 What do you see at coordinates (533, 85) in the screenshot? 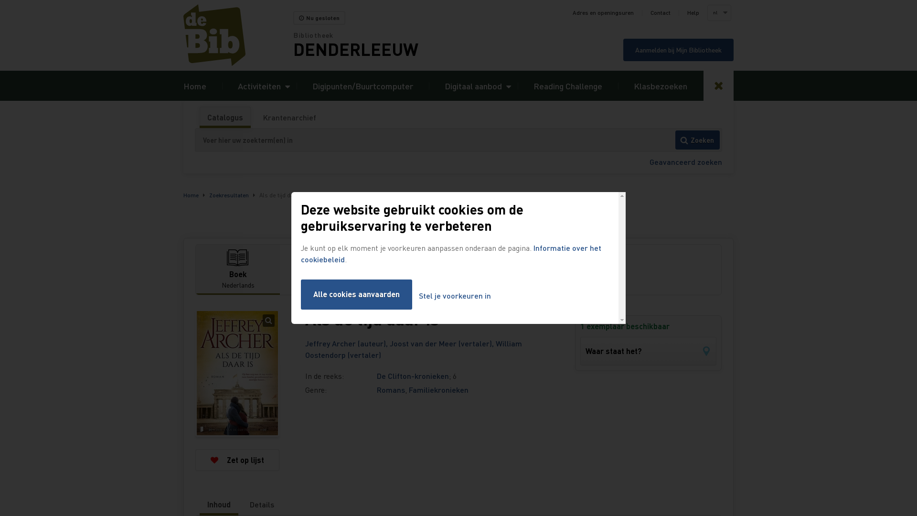
I see `'Reading Challenge'` at bounding box center [533, 85].